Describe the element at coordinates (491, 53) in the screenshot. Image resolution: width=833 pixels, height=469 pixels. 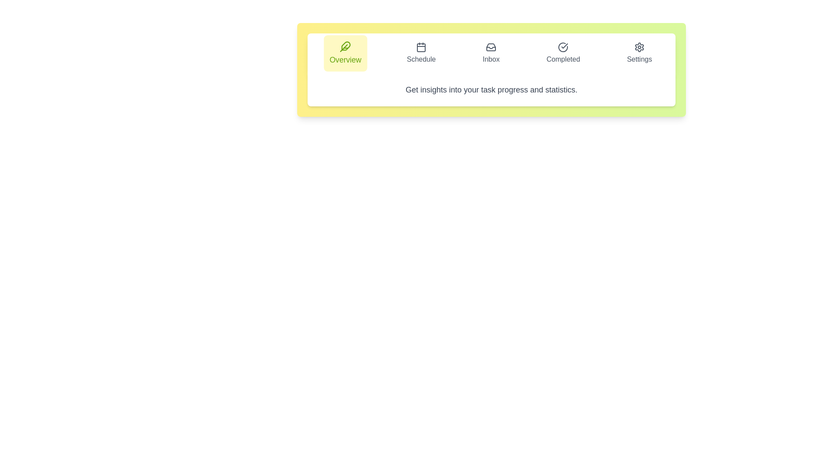
I see `the tab labeled Inbox` at that location.